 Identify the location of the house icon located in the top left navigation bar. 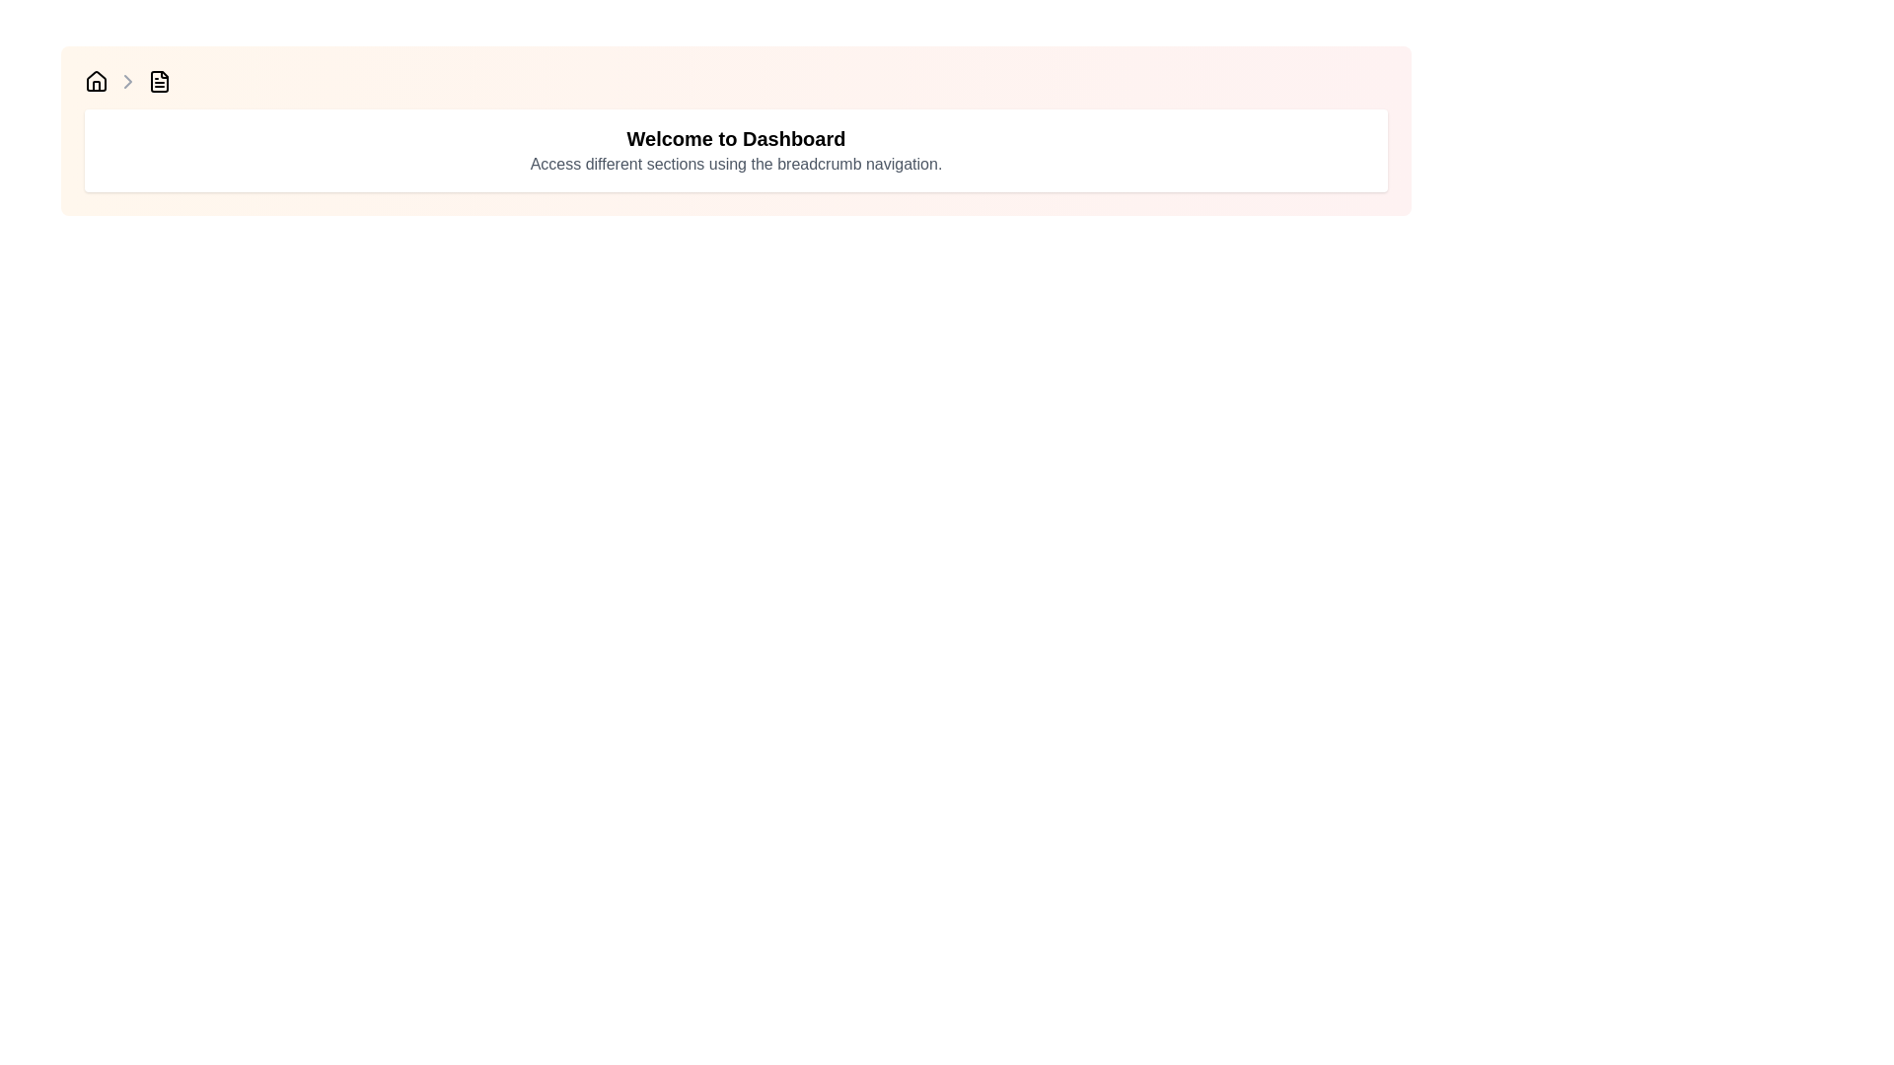
(95, 79).